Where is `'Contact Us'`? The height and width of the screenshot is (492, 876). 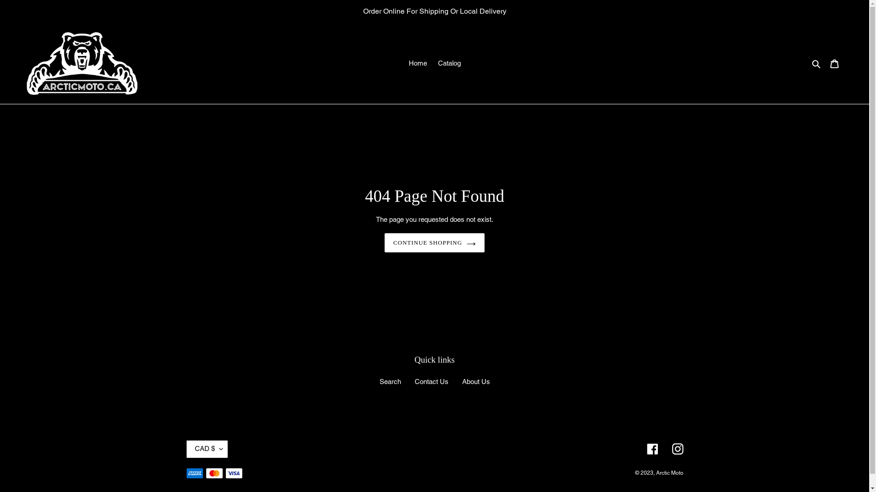 'Contact Us' is located at coordinates (431, 381).